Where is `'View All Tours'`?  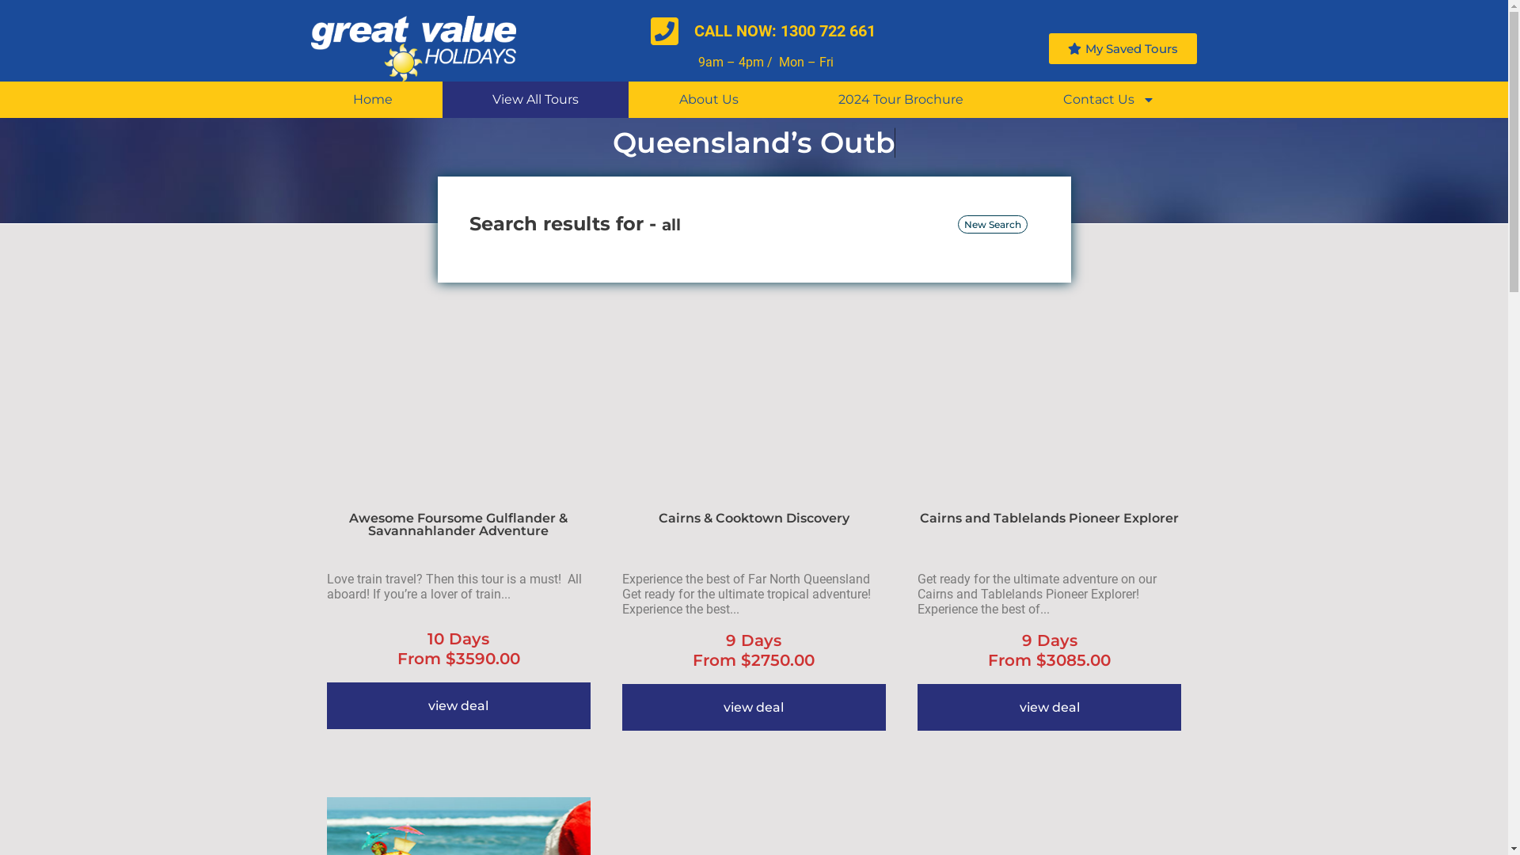 'View All Tours' is located at coordinates (442, 100).